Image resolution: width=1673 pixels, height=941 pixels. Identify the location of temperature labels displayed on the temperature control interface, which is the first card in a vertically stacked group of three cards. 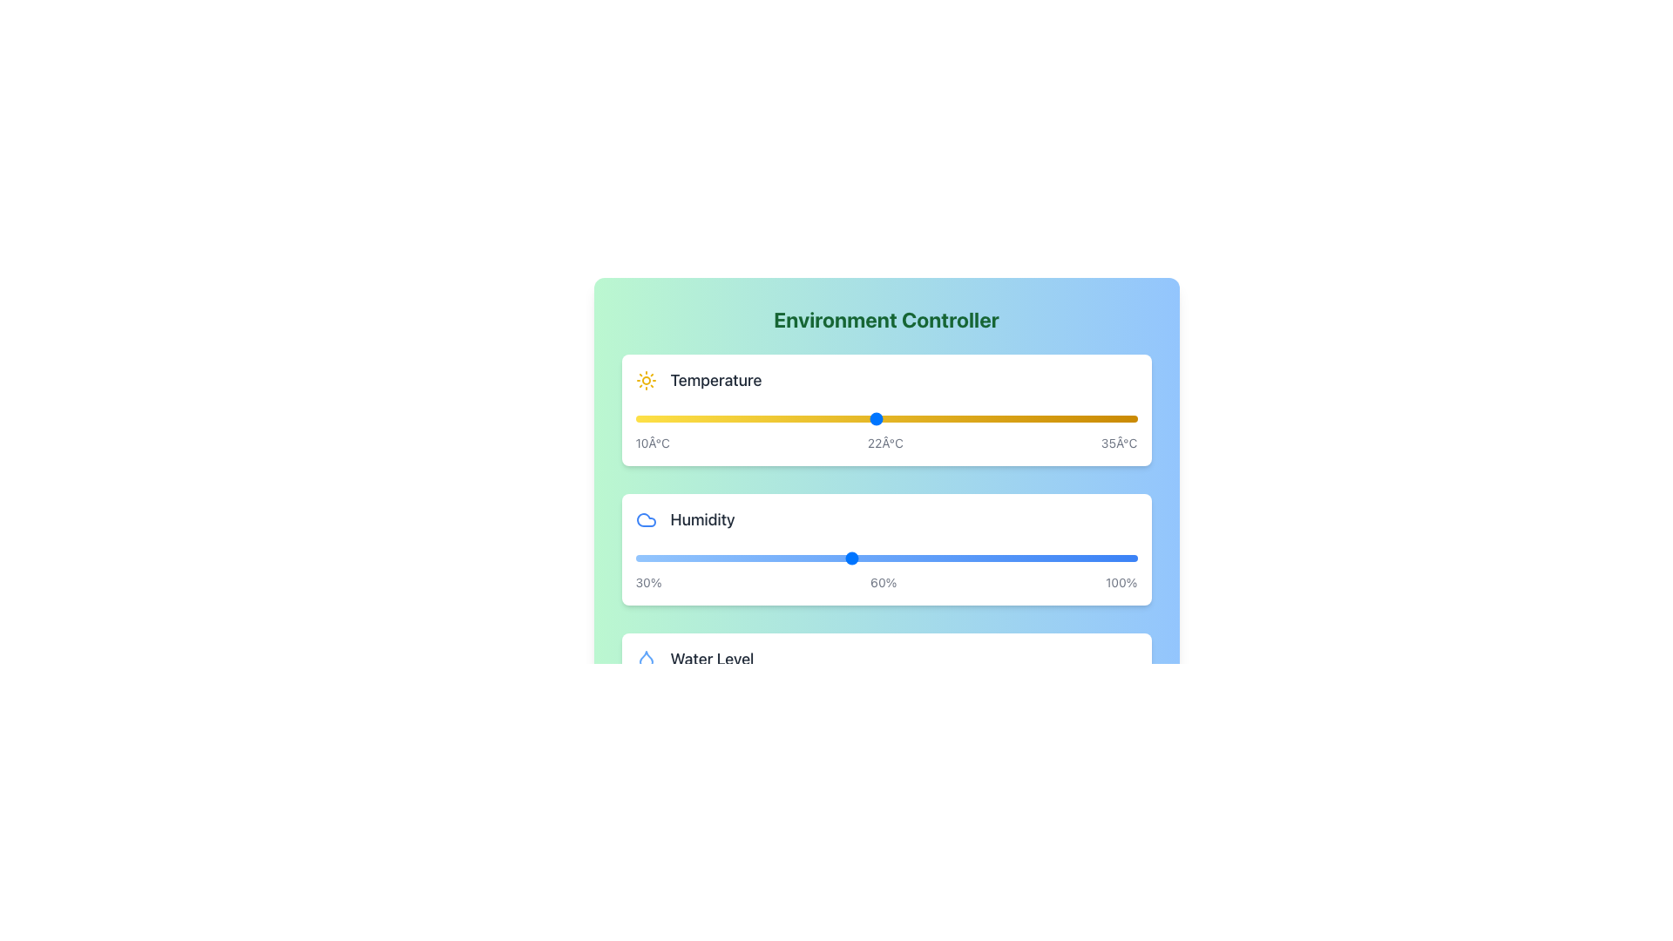
(886, 410).